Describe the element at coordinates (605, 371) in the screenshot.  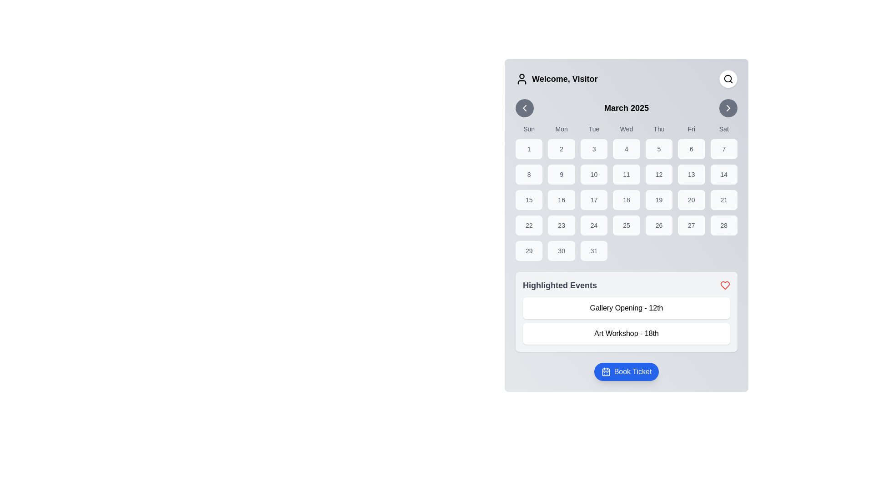
I see `the calendar icon located to the left of the 'Book Ticket' text within the blue circular button at the bottom section of the interface` at that location.